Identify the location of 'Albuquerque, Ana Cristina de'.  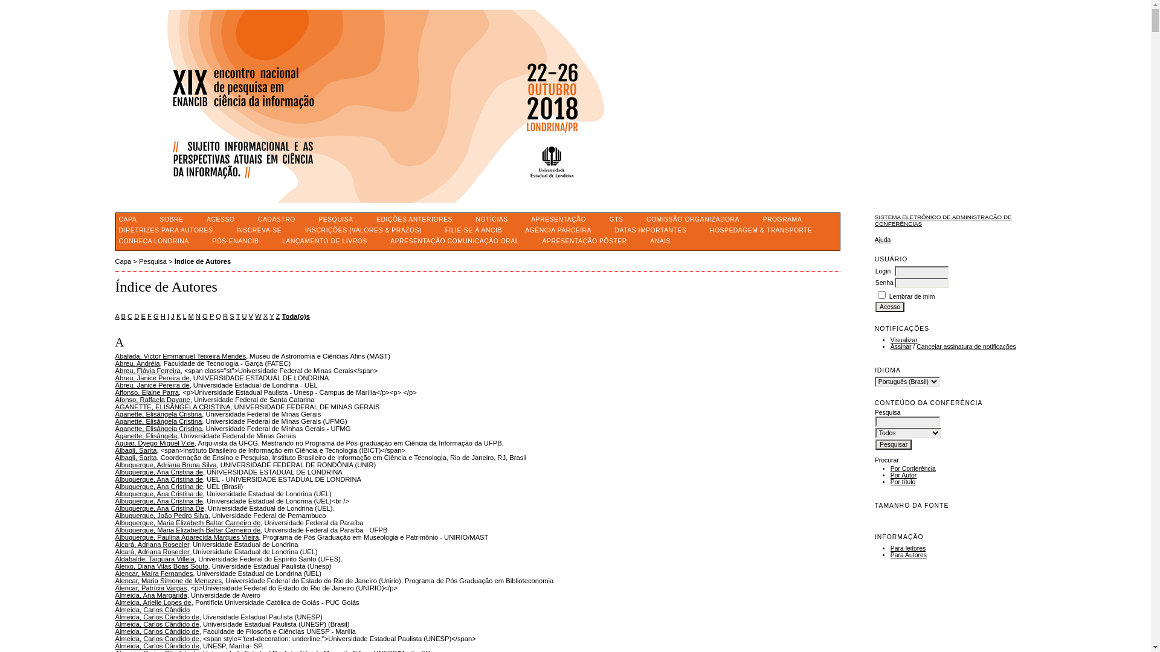
(158, 493).